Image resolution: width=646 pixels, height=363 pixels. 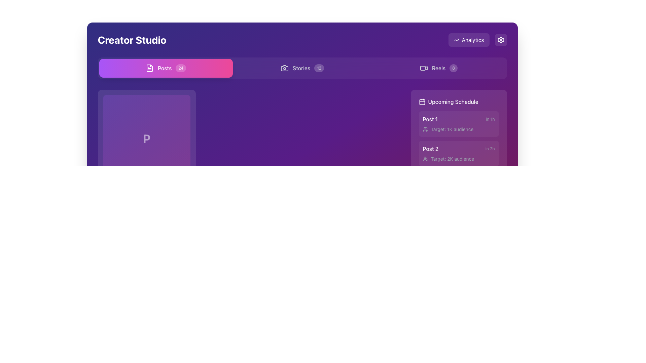 I want to click on the 'Posts' button located in the first position among three similar buttons ('Posts', 'Stories', 'Reels'), so click(x=166, y=68).